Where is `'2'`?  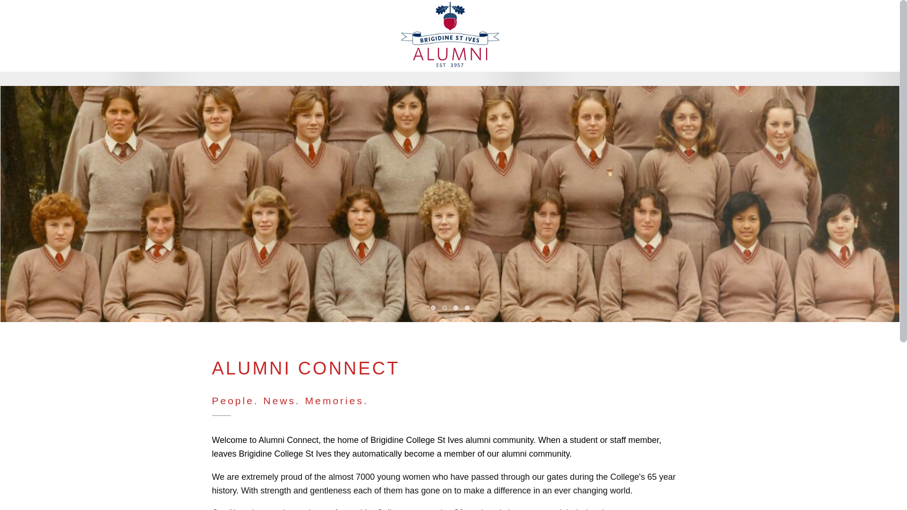
'2' is located at coordinates (444, 308).